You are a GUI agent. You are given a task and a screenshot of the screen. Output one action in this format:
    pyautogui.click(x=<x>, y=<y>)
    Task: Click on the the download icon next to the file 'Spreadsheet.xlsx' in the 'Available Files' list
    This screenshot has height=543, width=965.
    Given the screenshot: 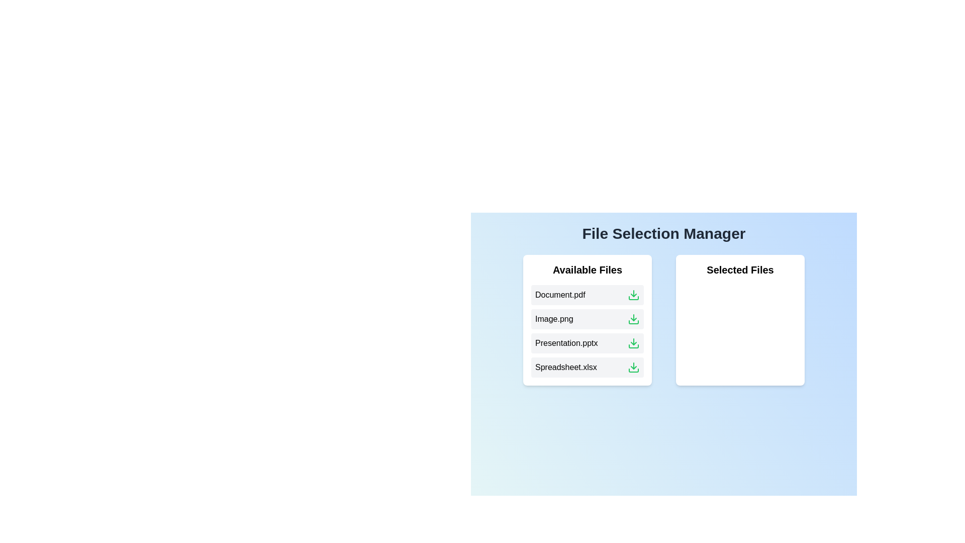 What is the action you would take?
    pyautogui.click(x=633, y=368)
    